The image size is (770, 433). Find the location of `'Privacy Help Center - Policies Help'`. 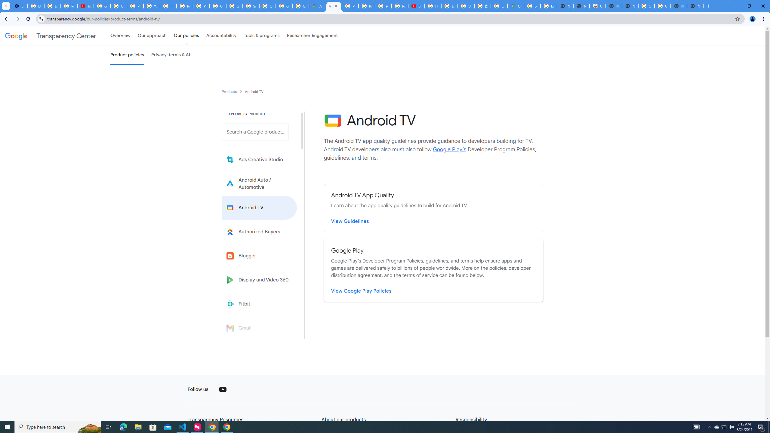

'Privacy Help Center - Policies Help' is located at coordinates (350, 6).